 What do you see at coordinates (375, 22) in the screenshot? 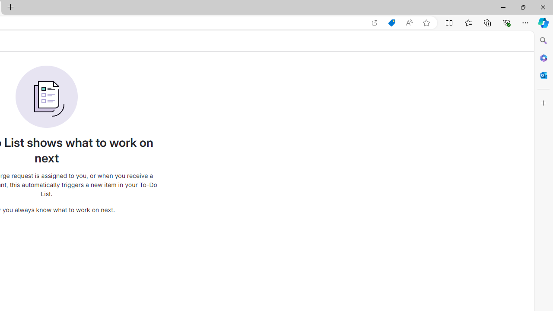
I see `'Open in app'` at bounding box center [375, 22].